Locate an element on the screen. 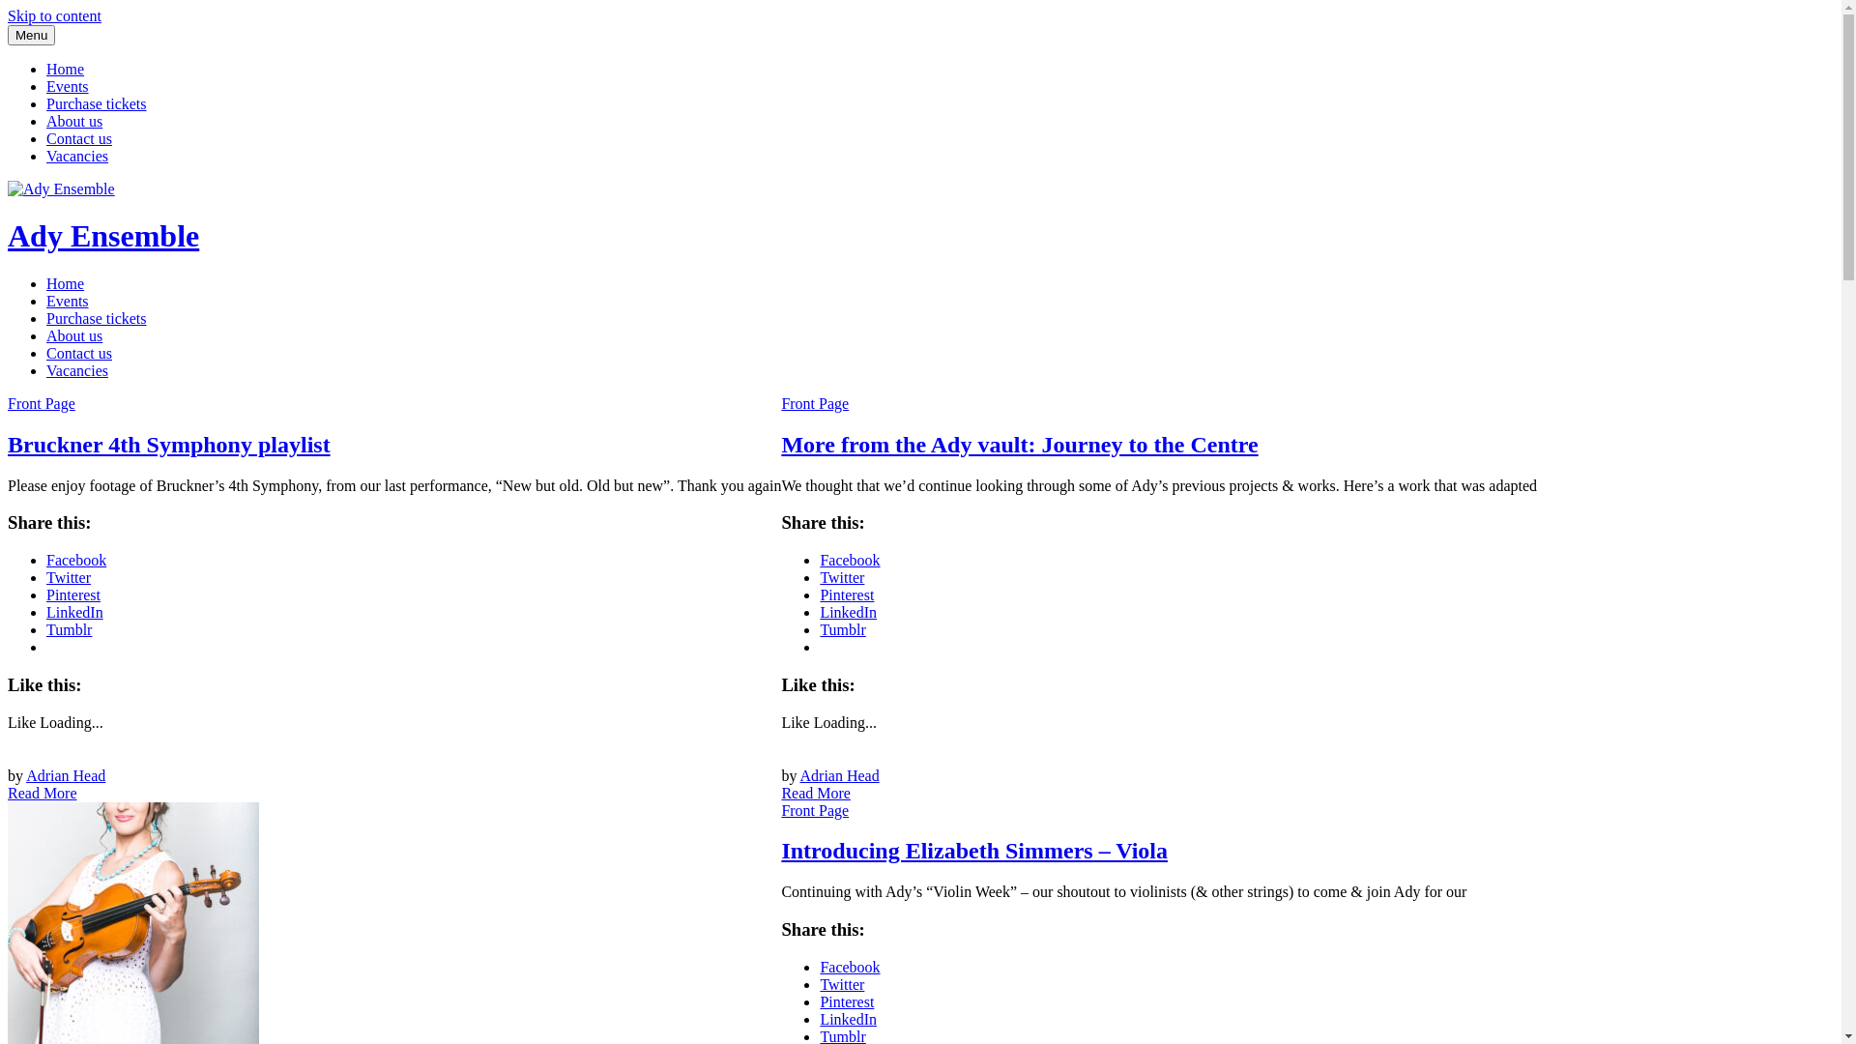  'Skip to content' is located at coordinates (54, 15).